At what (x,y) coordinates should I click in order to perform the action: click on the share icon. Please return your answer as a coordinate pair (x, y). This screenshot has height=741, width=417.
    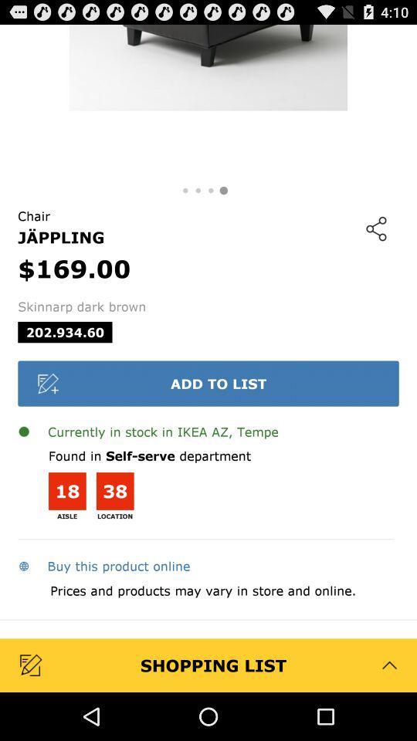
    Looking at the image, I should click on (375, 245).